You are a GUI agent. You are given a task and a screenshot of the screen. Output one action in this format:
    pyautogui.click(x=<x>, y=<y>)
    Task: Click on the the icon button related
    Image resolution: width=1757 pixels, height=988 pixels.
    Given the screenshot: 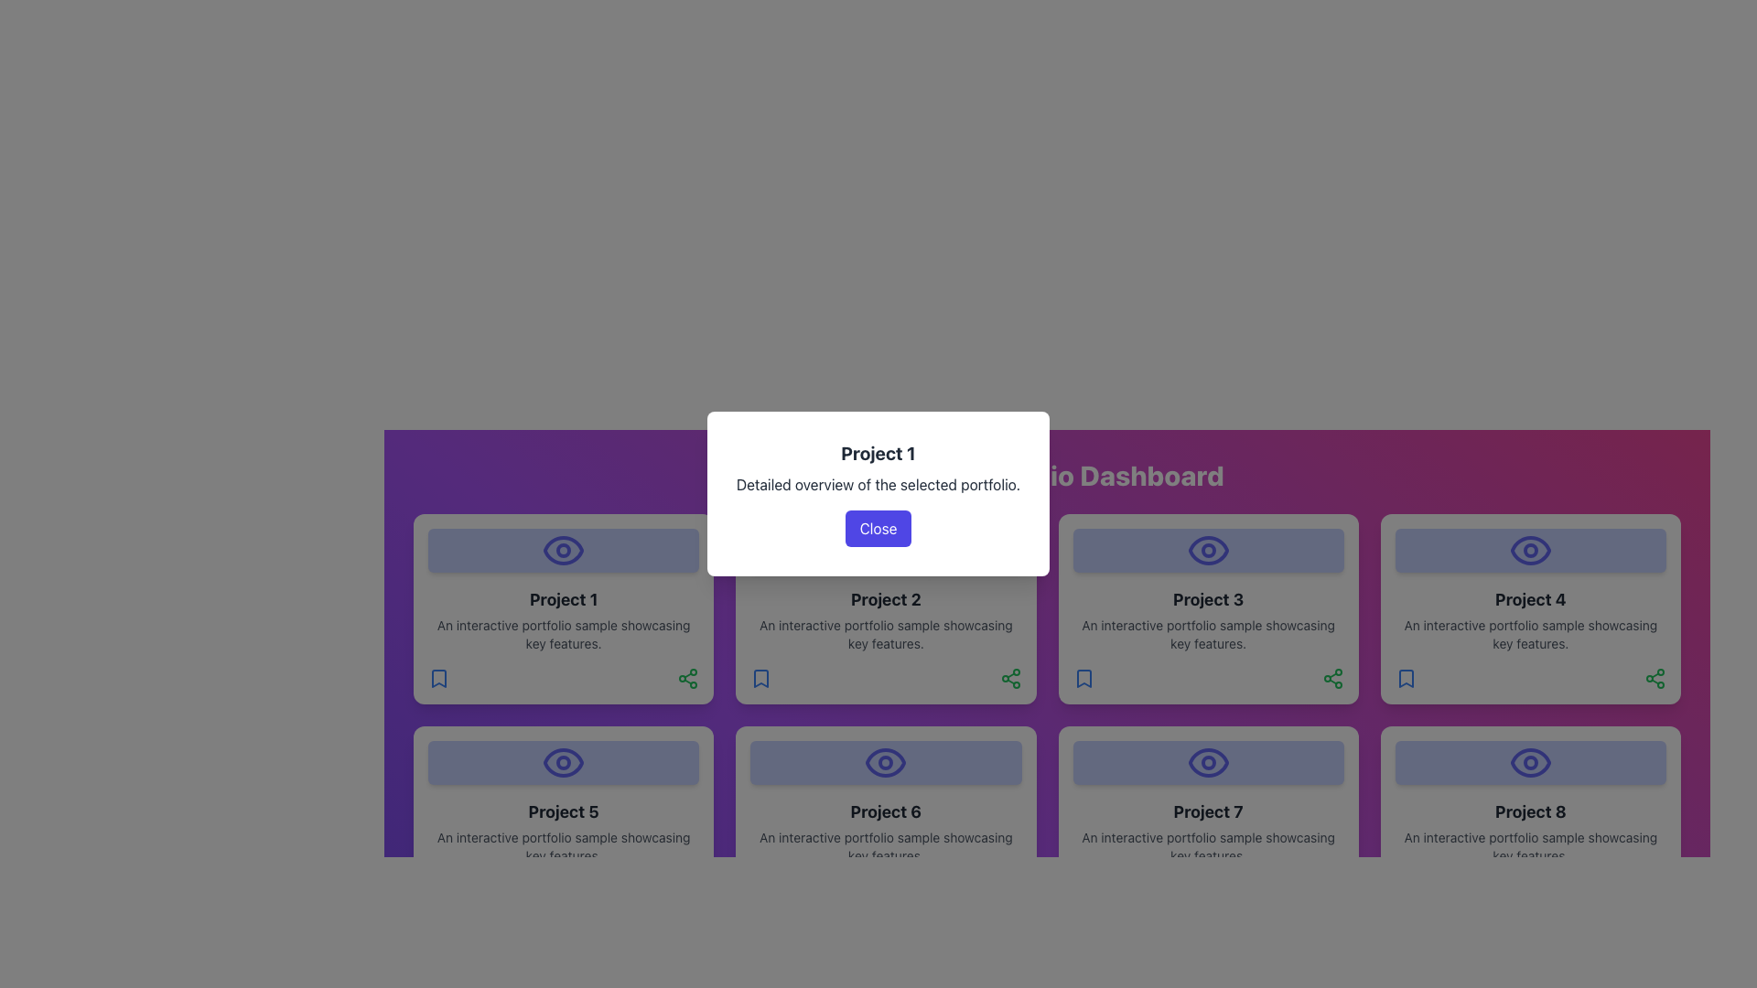 What is the action you would take?
    pyautogui.click(x=1530, y=762)
    